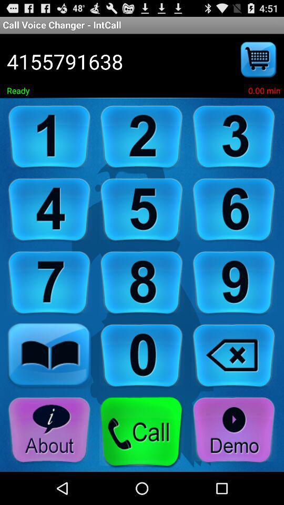 Image resolution: width=284 pixels, height=505 pixels. I want to click on press to select the four number to dial, so click(49, 209).